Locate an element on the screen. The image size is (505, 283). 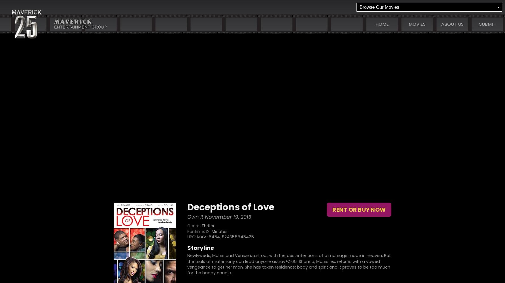
'Own It November 19, 2013' is located at coordinates (187, 217).